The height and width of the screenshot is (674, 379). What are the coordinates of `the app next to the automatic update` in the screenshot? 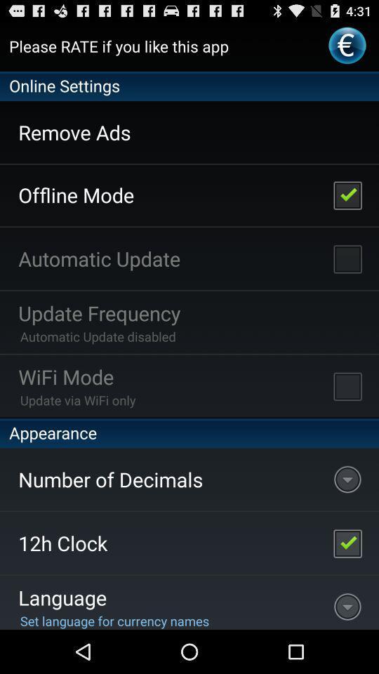 It's located at (347, 258).